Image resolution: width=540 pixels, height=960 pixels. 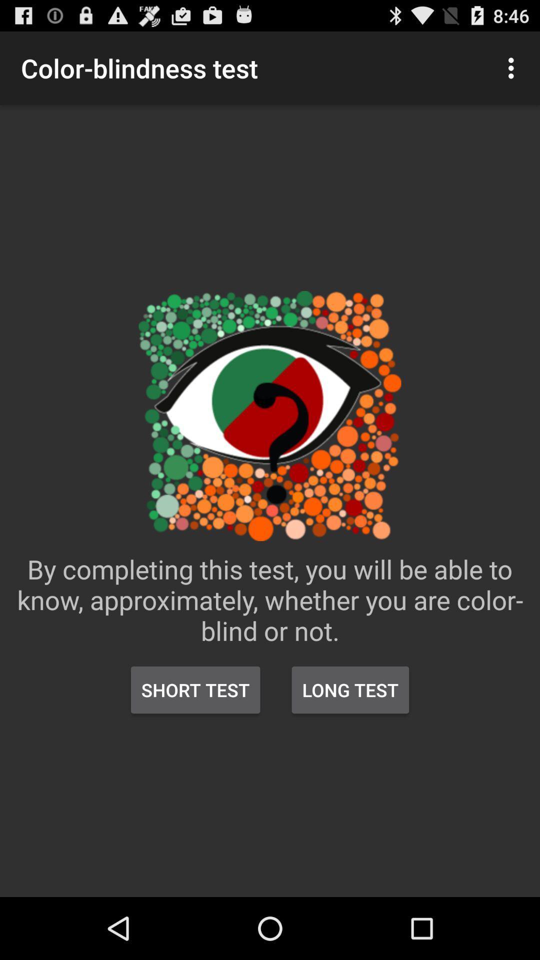 I want to click on short test button, so click(x=195, y=689).